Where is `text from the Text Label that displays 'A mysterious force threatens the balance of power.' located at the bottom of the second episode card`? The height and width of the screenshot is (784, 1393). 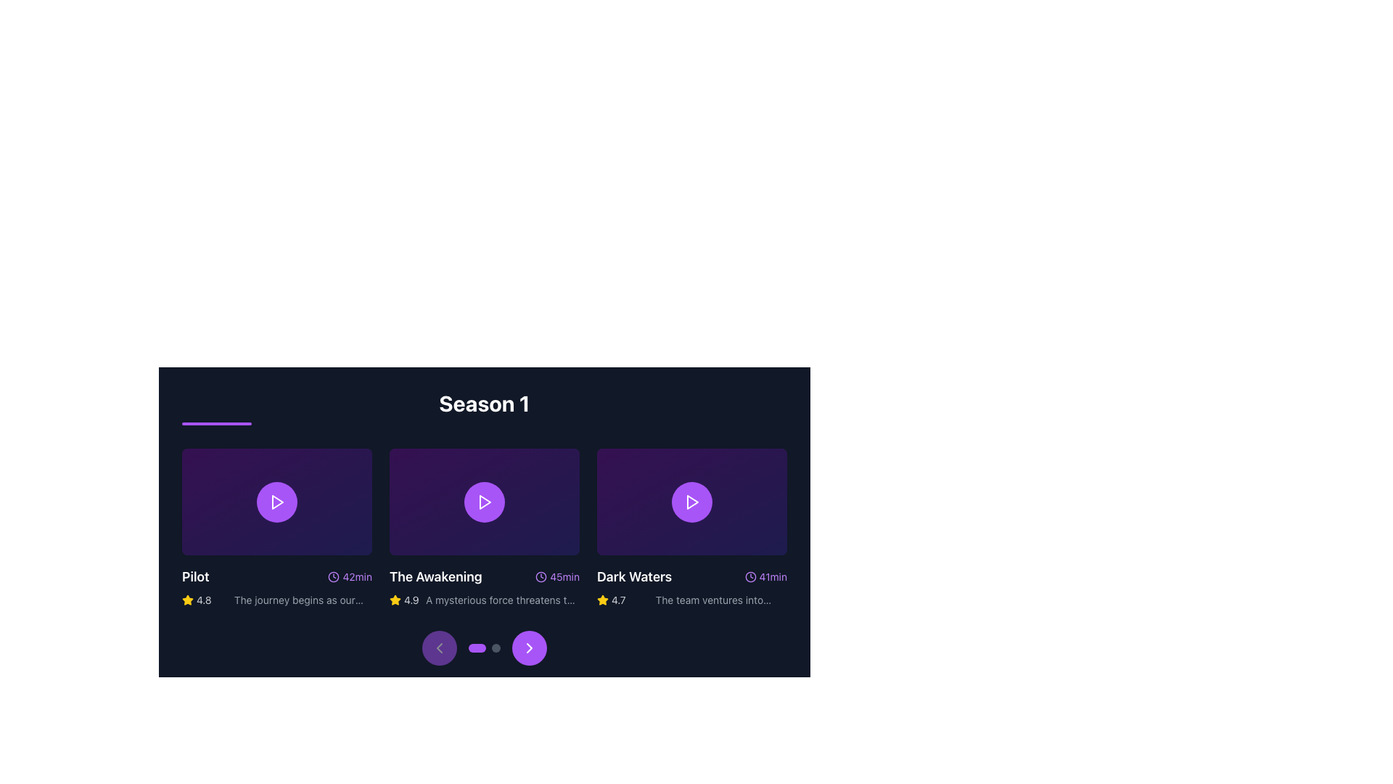 text from the Text Label that displays 'A mysterious force threatens the balance of power.' located at the bottom of the second episode card is located at coordinates (502, 600).